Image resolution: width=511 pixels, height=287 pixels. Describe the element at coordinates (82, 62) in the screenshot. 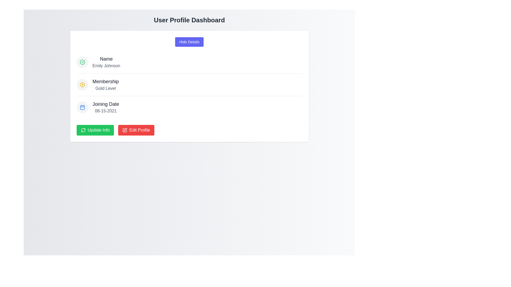

I see `the circular icon with a green check mark that is the first icon in the row labeled 'Name Emily Johnson' in the profile dashboard` at that location.